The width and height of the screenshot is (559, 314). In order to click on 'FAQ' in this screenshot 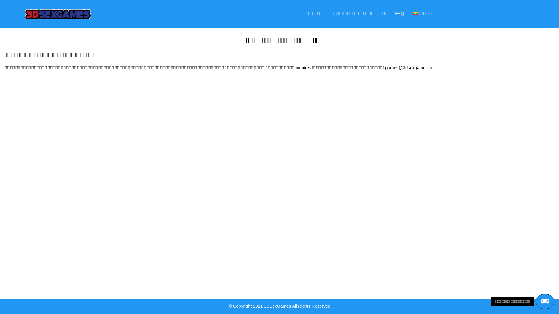, I will do `click(390, 13)`.